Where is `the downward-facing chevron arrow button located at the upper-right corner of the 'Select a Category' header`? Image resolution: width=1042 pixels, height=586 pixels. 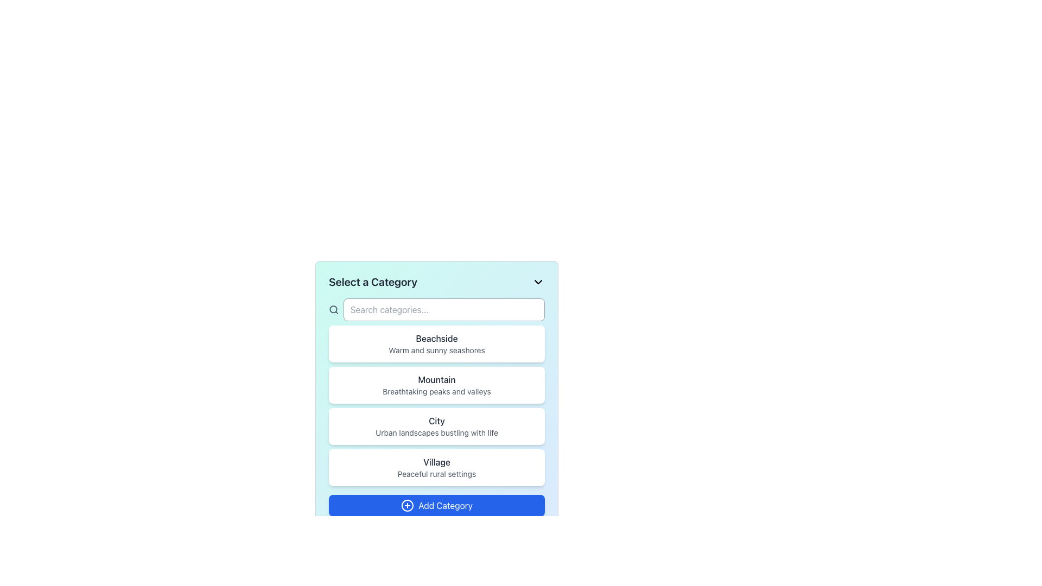
the downward-facing chevron arrow button located at the upper-right corner of the 'Select a Category' header is located at coordinates (538, 282).